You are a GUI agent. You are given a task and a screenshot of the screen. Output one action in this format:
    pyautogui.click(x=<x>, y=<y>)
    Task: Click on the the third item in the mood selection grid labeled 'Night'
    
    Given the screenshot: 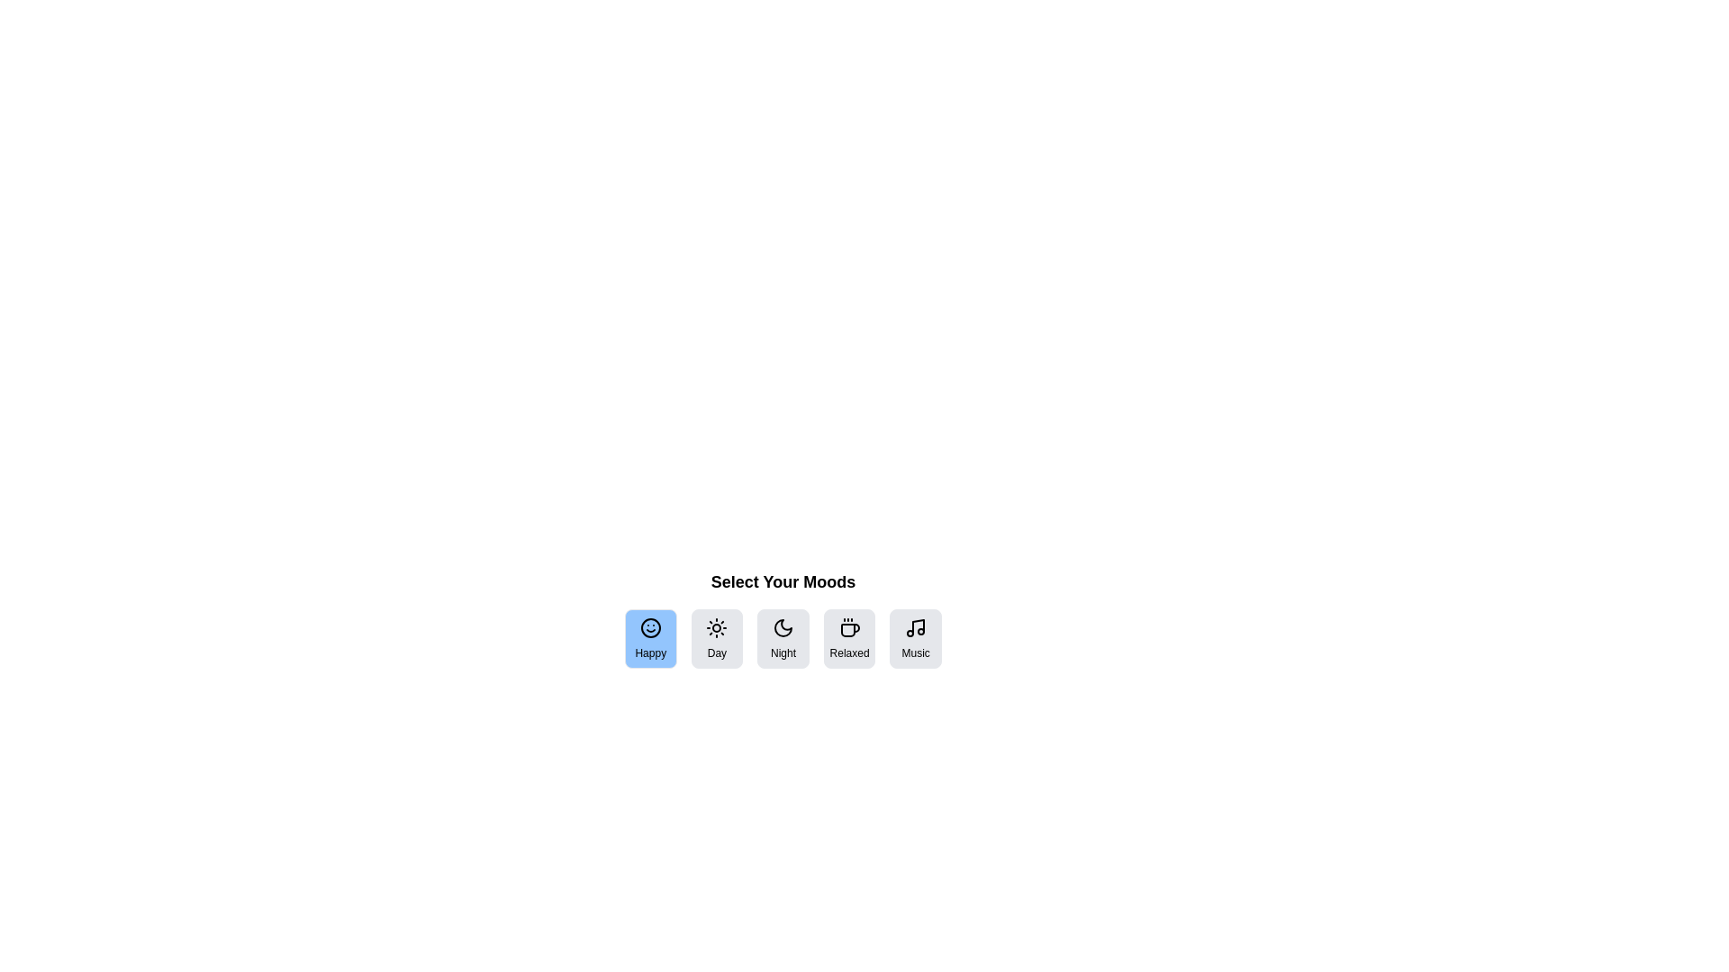 What is the action you would take?
    pyautogui.click(x=783, y=637)
    